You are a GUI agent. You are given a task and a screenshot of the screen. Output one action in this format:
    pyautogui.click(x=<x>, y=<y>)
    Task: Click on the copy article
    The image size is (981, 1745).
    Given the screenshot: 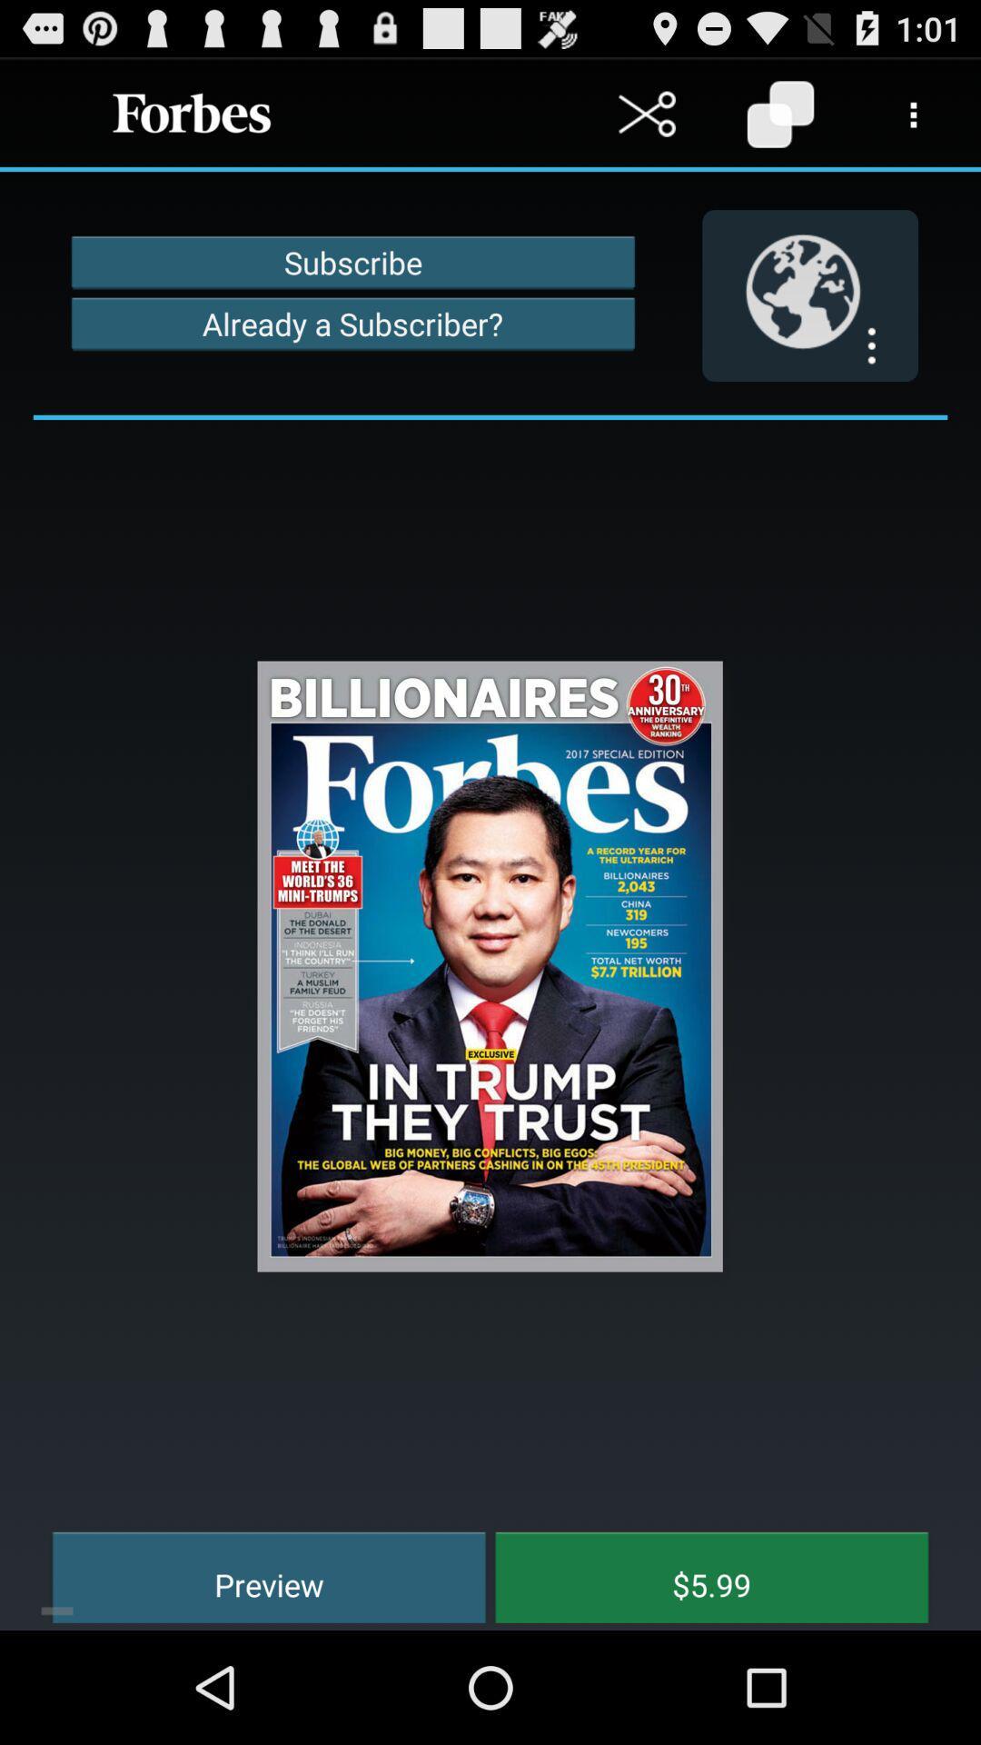 What is the action you would take?
    pyautogui.click(x=779, y=113)
    